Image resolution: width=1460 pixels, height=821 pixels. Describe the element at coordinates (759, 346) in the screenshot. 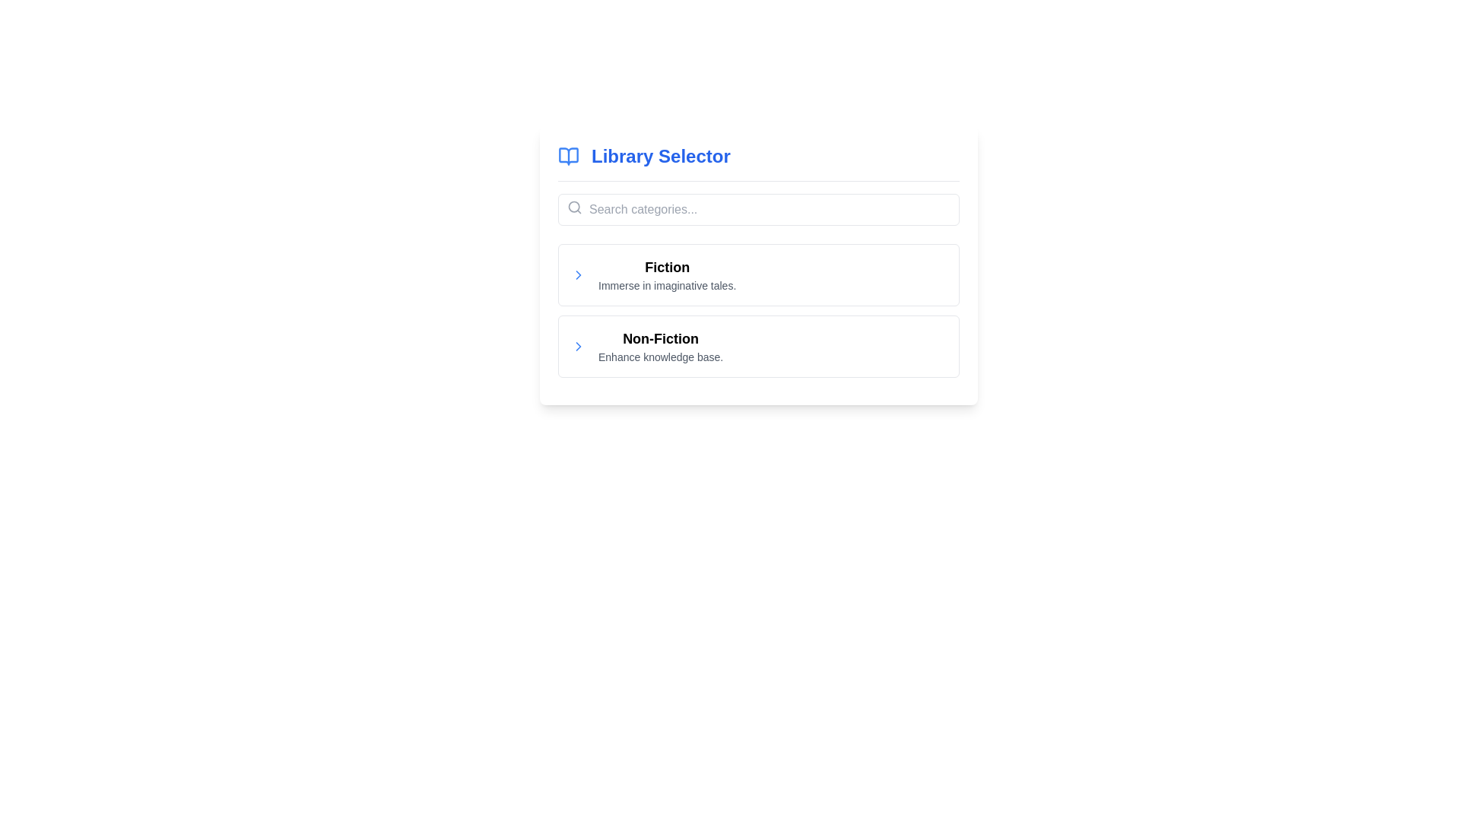

I see `the second entry in the list, which is the 'Non-Fiction' clickable list item that features a bold title and a description` at that location.